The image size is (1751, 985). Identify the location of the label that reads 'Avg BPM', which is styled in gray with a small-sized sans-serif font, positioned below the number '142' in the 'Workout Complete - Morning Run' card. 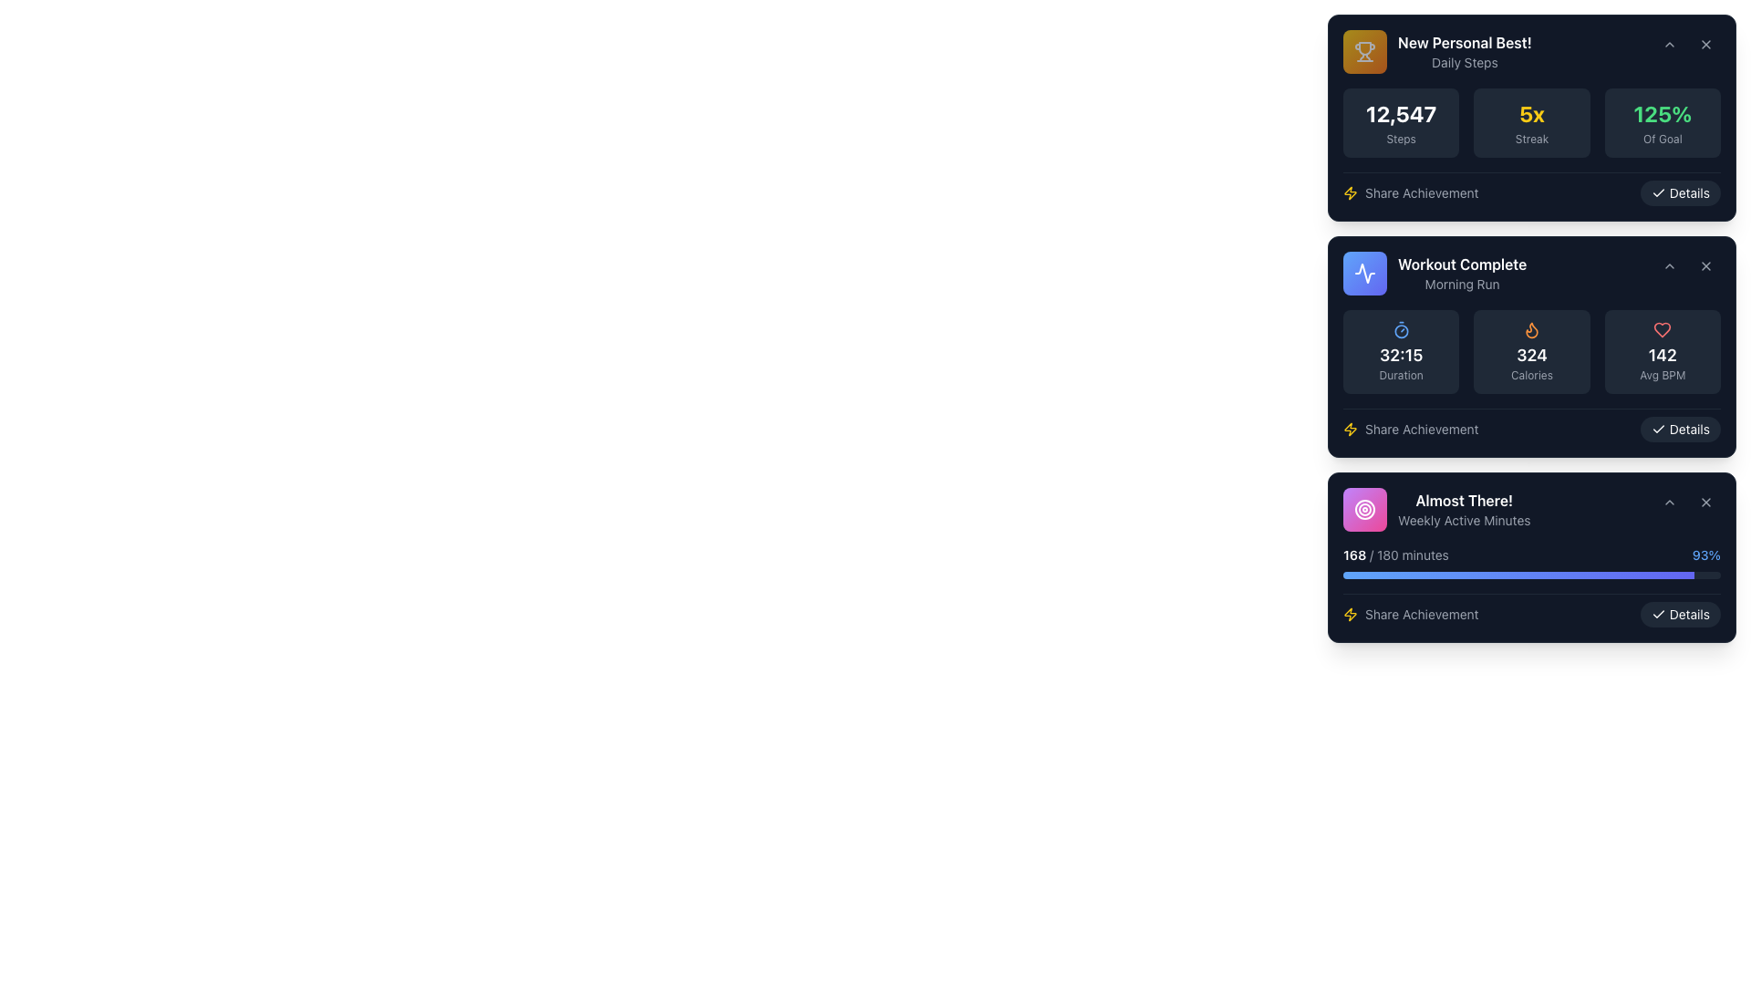
(1663, 375).